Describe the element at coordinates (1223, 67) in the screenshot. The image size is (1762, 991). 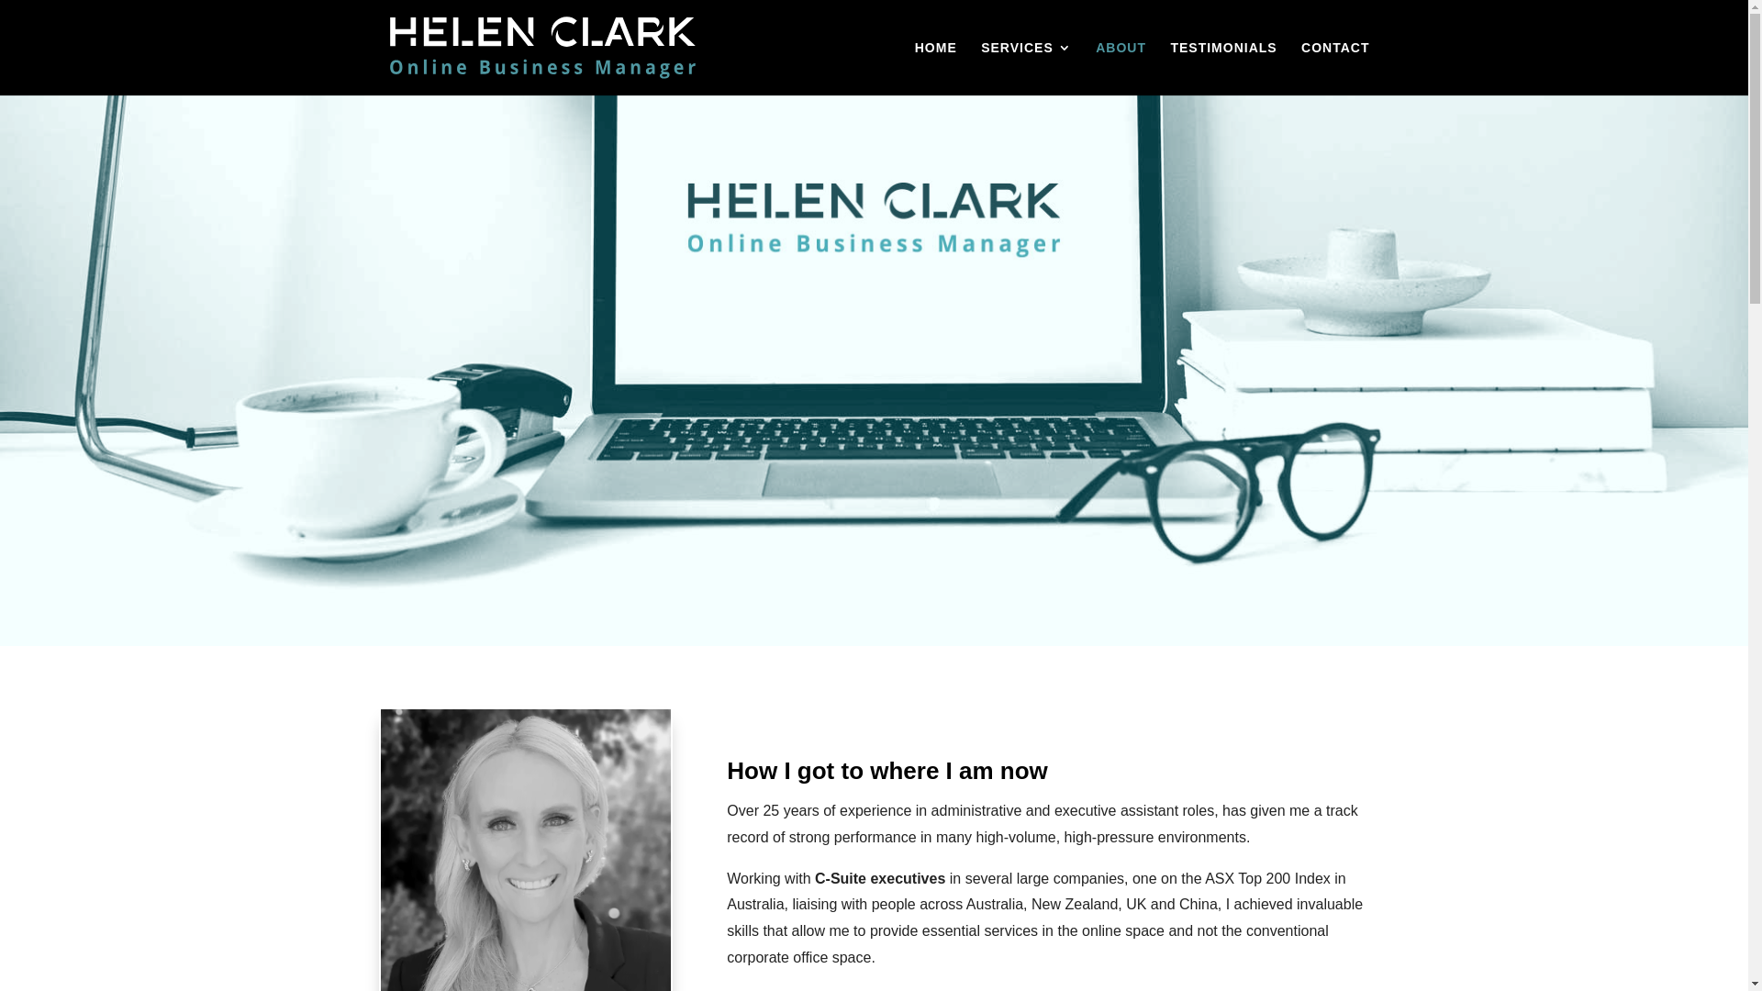
I see `'TESTIMONIALS'` at that location.